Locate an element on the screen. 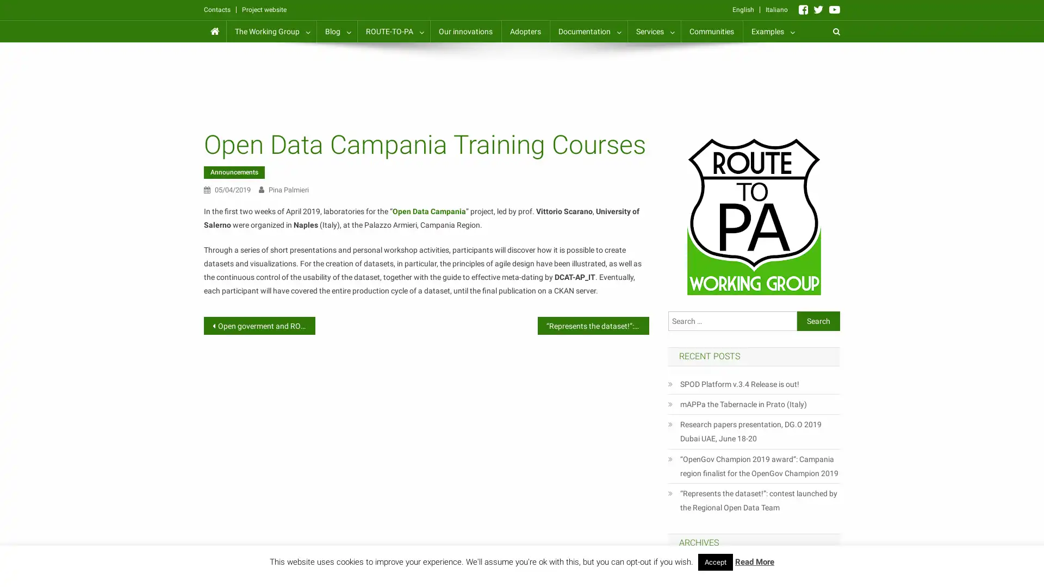  Search is located at coordinates (818, 320).